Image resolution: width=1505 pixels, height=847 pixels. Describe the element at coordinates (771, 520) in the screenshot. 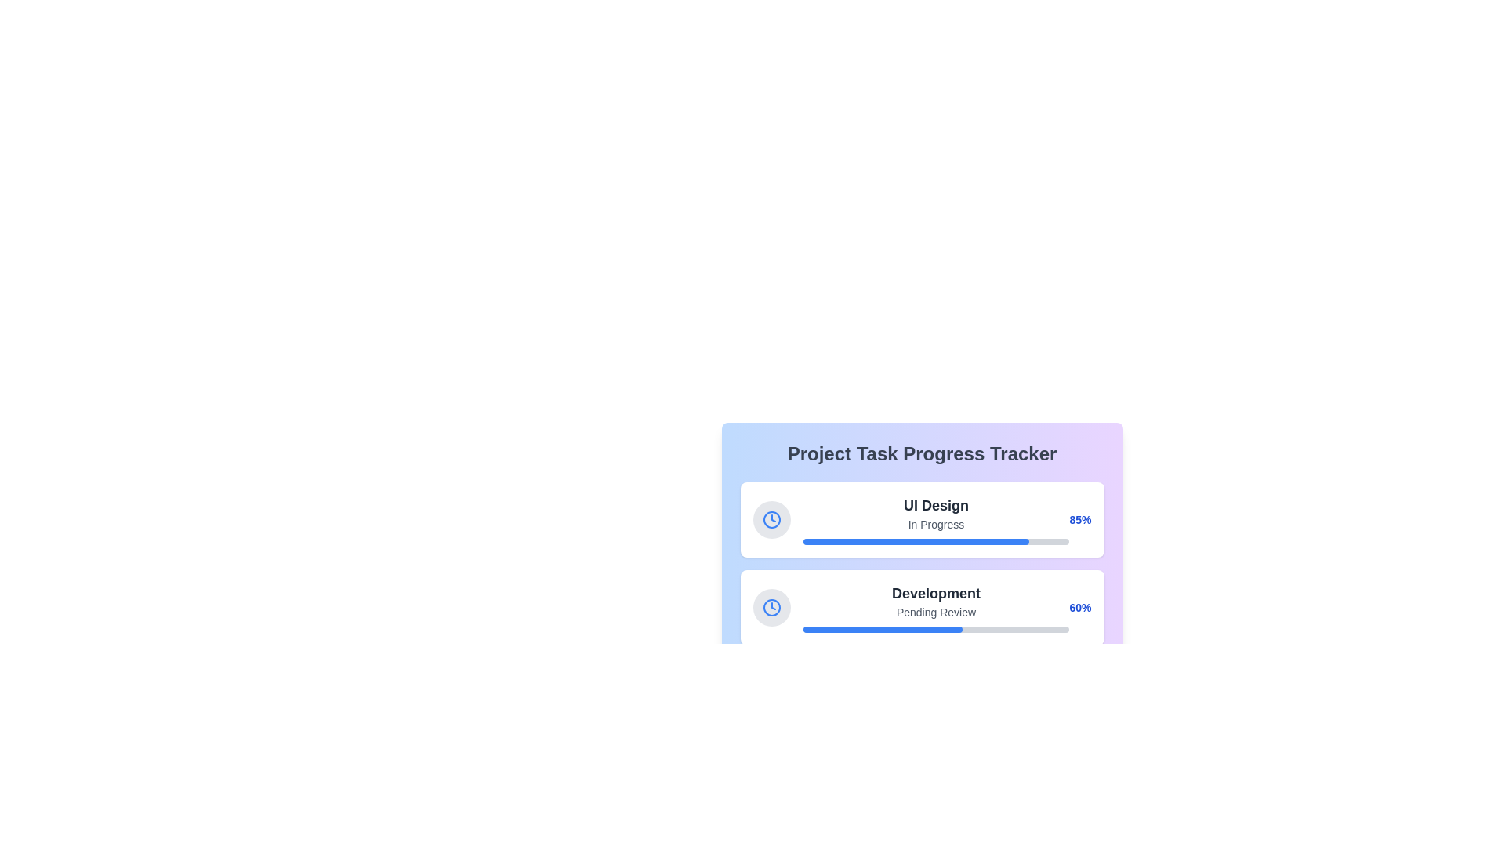

I see `the circular icon with a light gray background and a blue outline of a clock, which is located to the left of the text 'UI Design' and 'In Progress'` at that location.